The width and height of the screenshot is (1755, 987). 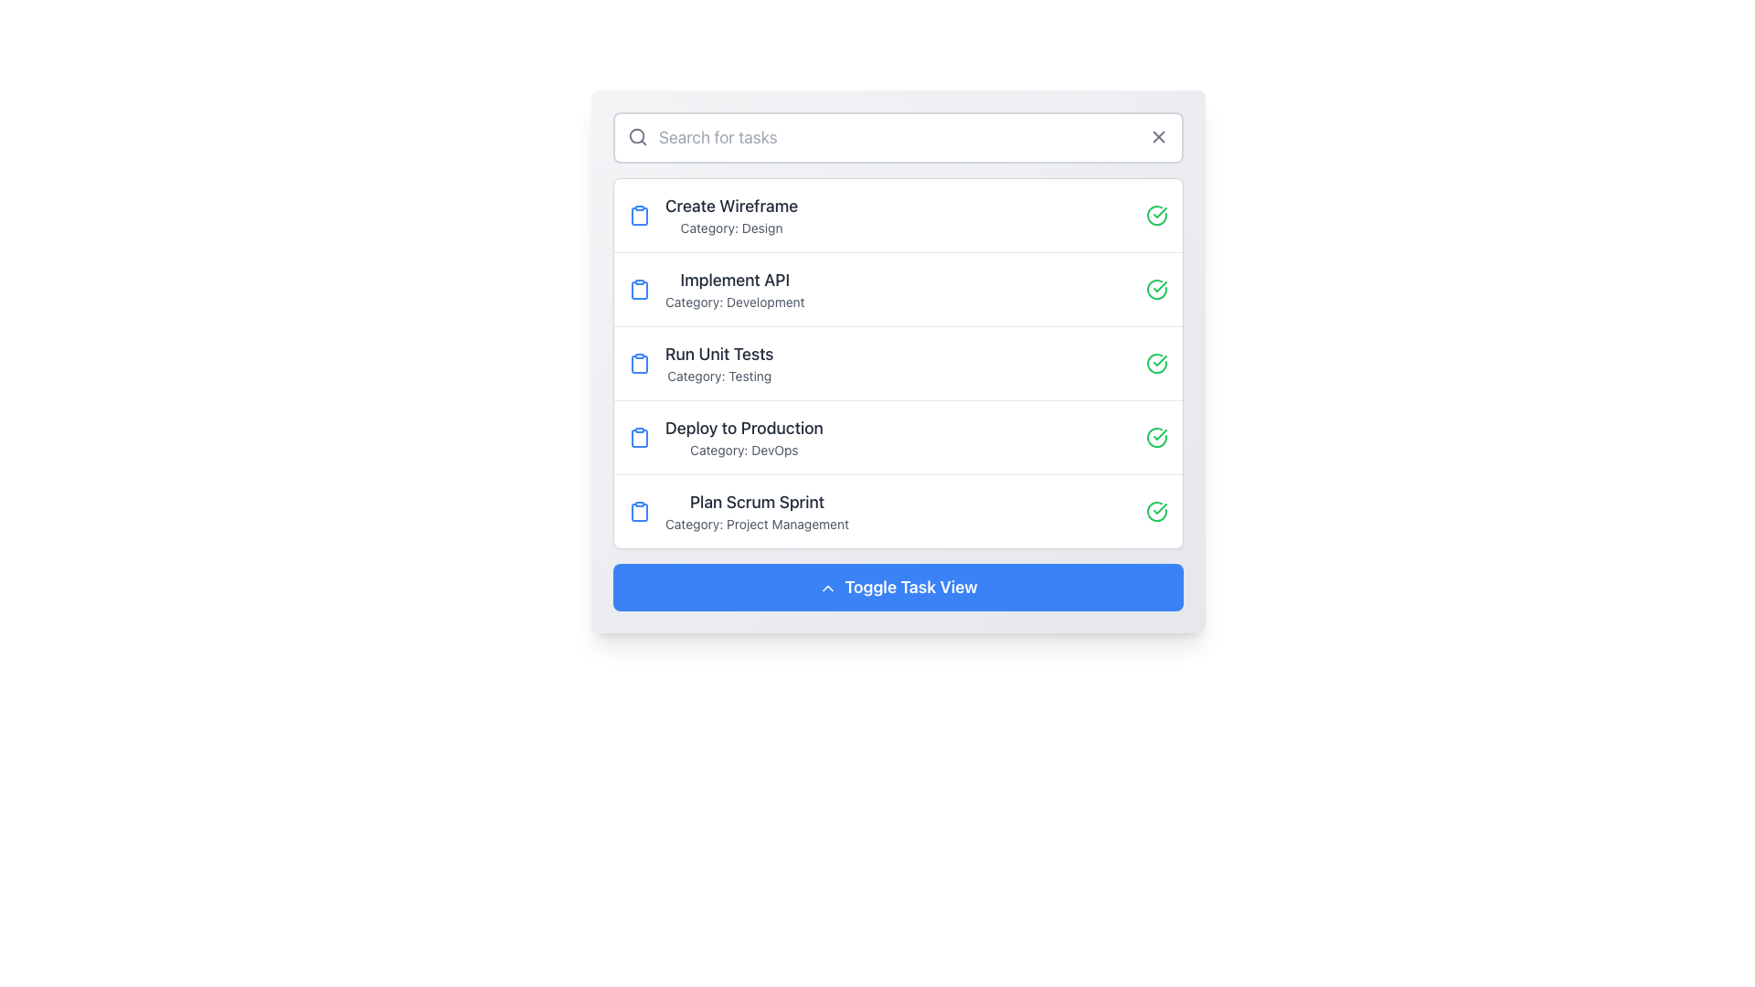 What do you see at coordinates (1156, 437) in the screenshot?
I see `the green circular checkmark icon indicating a completed action, located on the far right side of the 'Deploy to Production Category: DevOps' row` at bounding box center [1156, 437].